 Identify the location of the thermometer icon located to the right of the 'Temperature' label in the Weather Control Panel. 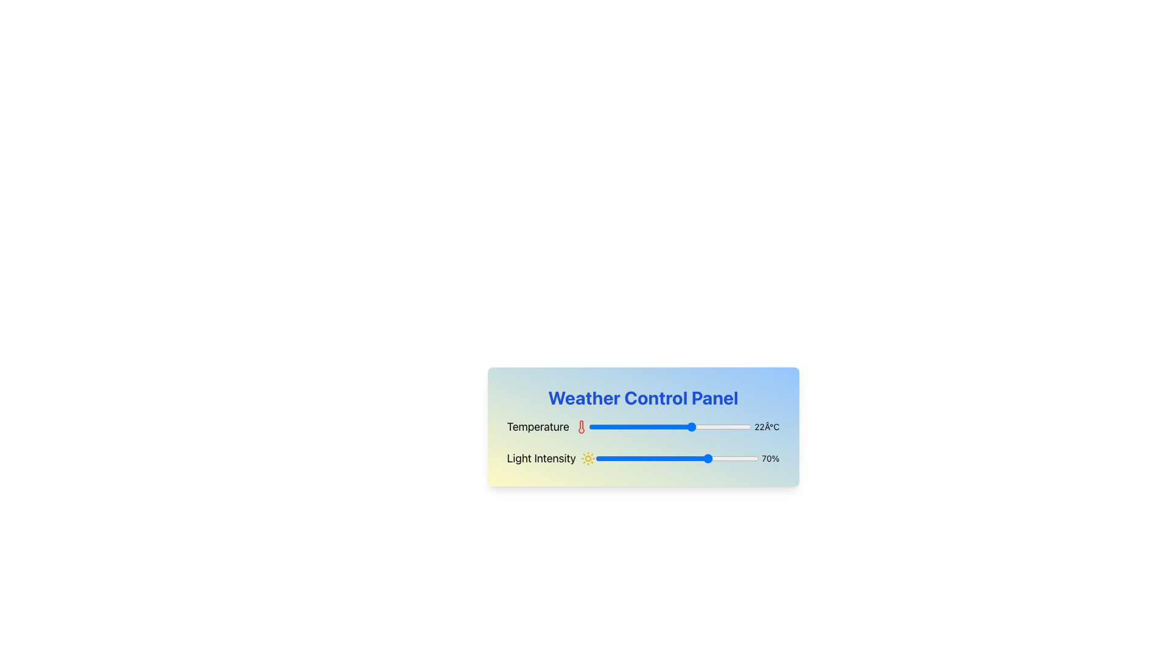
(580, 426).